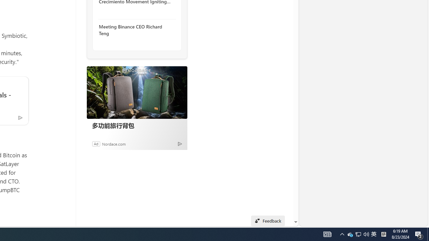  What do you see at coordinates (135, 29) in the screenshot?
I see `'Meeting Binance CEO Richard Teng'` at bounding box center [135, 29].